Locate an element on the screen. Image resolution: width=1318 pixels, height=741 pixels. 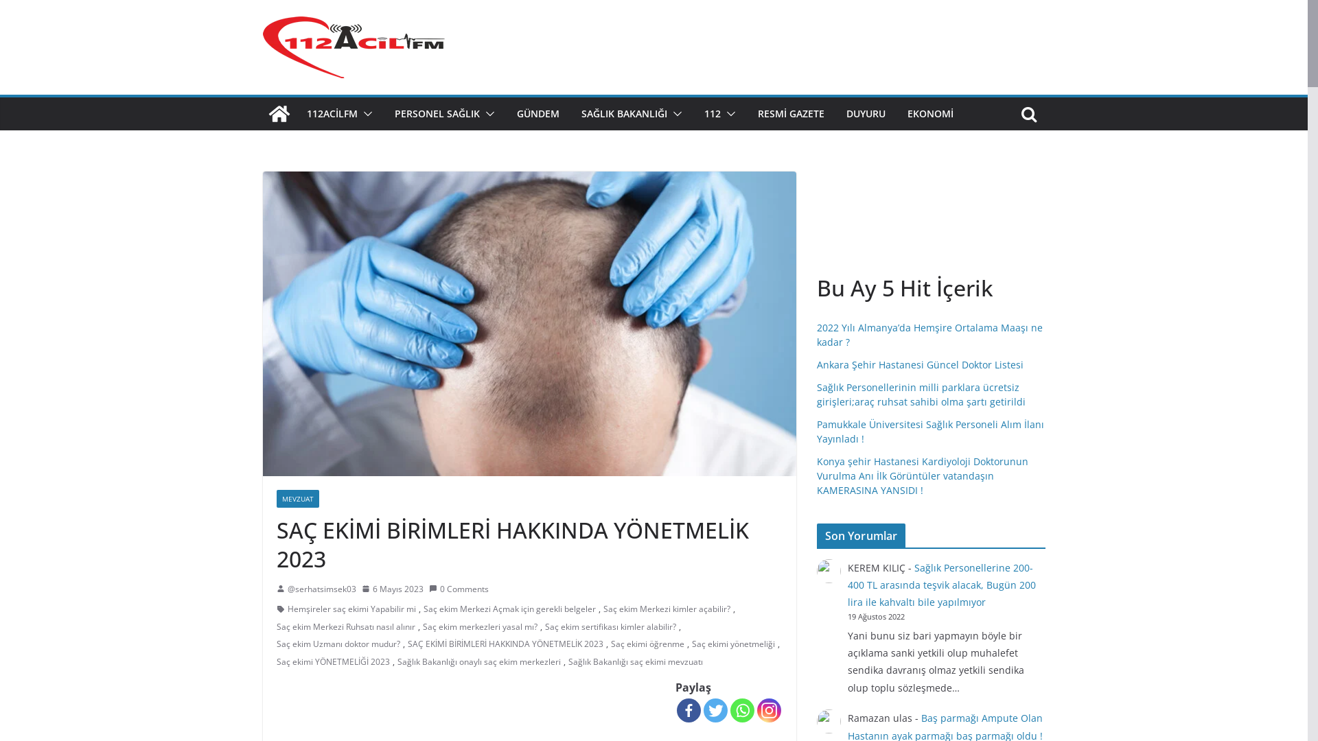
'Instagram' is located at coordinates (767, 710).